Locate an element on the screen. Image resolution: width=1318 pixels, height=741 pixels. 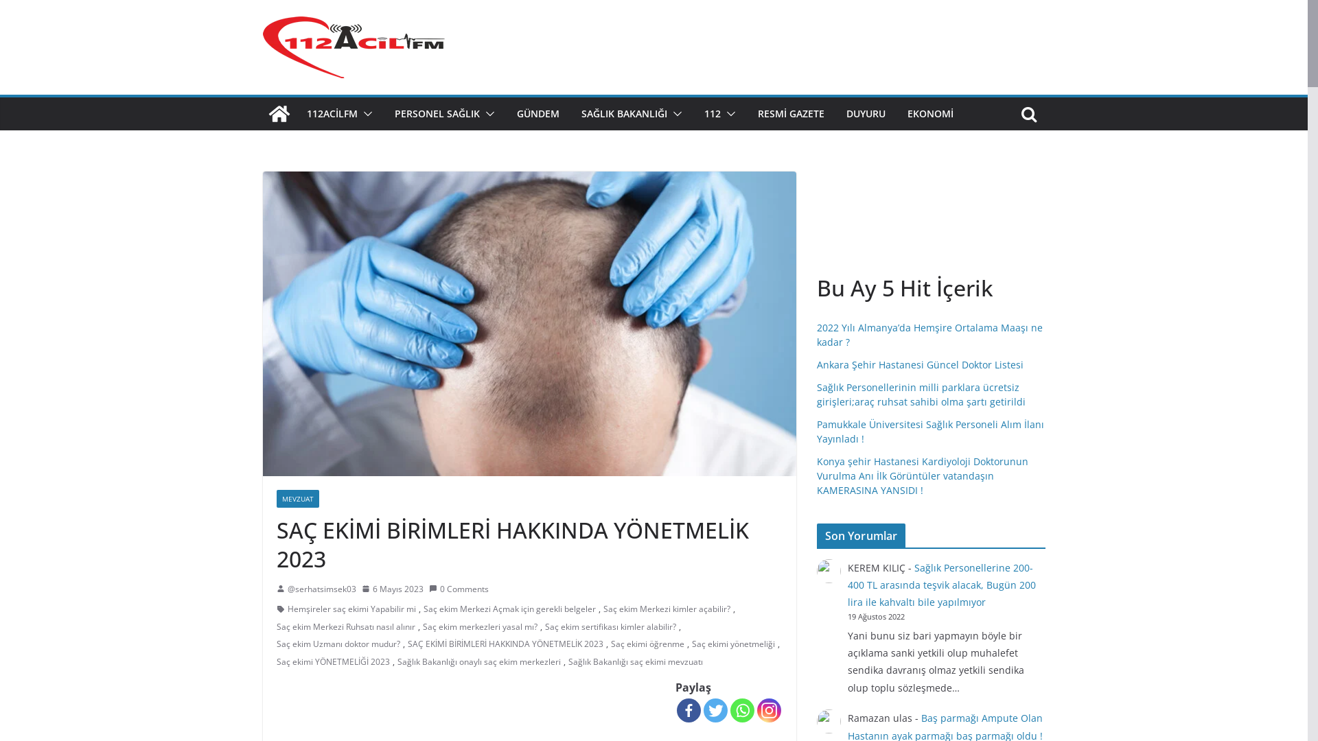
'Instagram' is located at coordinates (767, 710).